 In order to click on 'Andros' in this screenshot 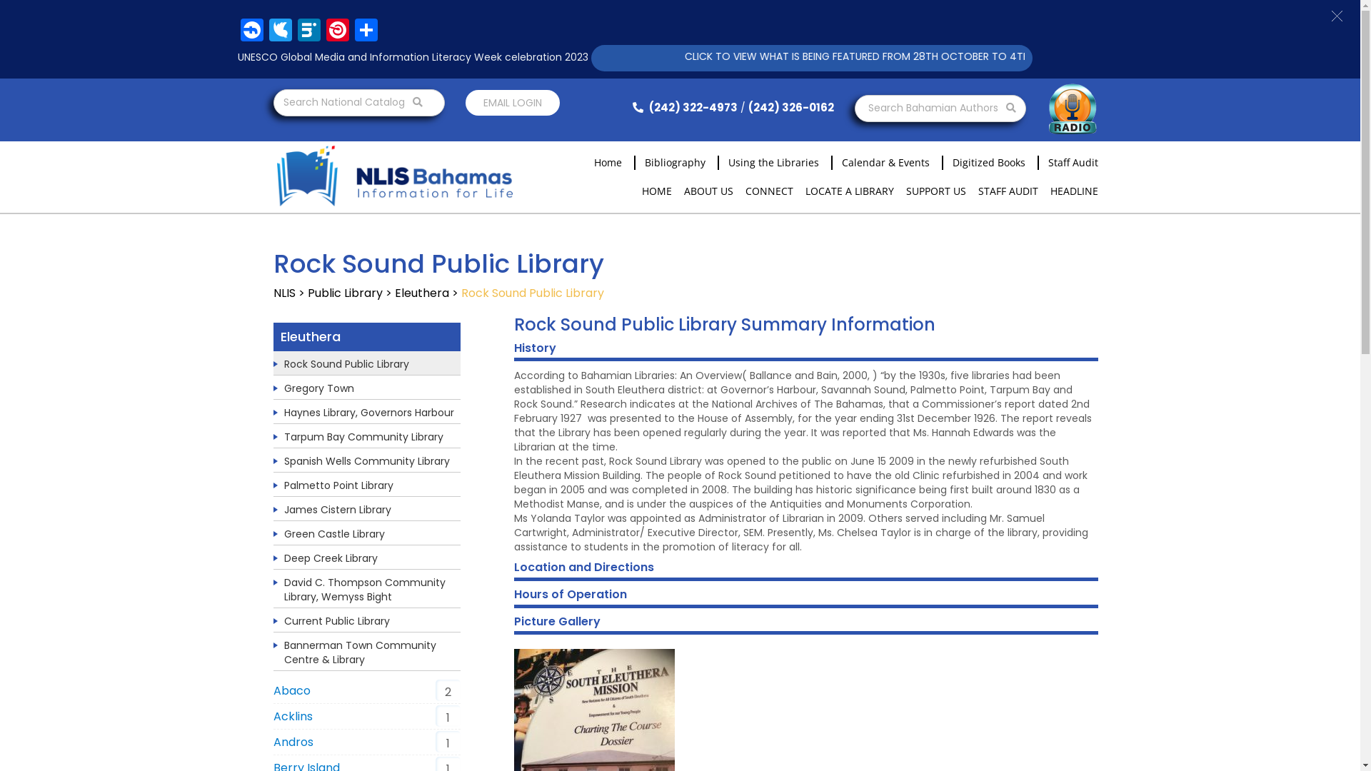, I will do `click(291, 741)`.